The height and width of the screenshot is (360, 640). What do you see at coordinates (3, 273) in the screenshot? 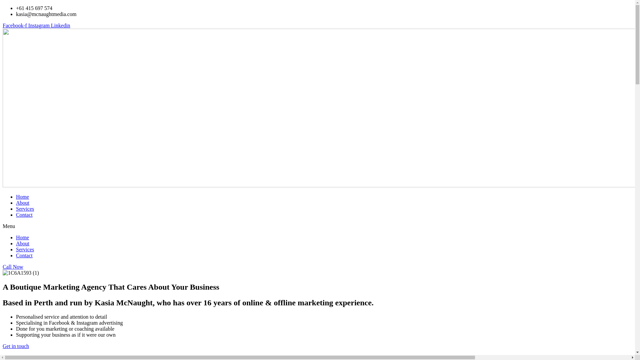
I see `'1C6A1593 (1)'` at bounding box center [3, 273].